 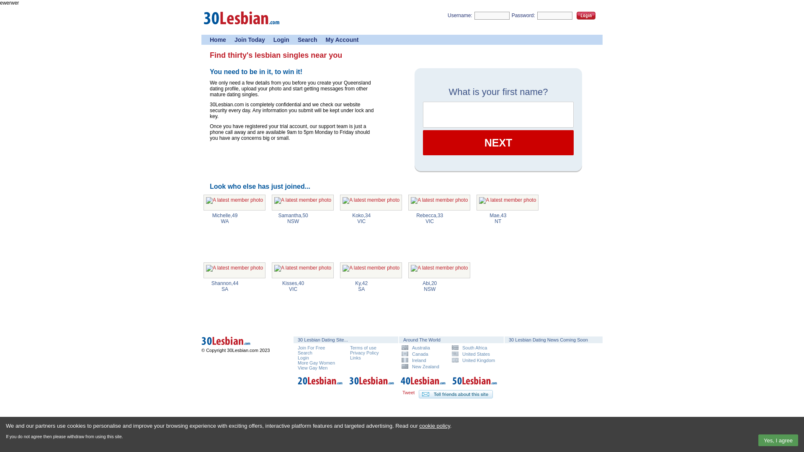 What do you see at coordinates (281, 40) in the screenshot?
I see `'Login'` at bounding box center [281, 40].